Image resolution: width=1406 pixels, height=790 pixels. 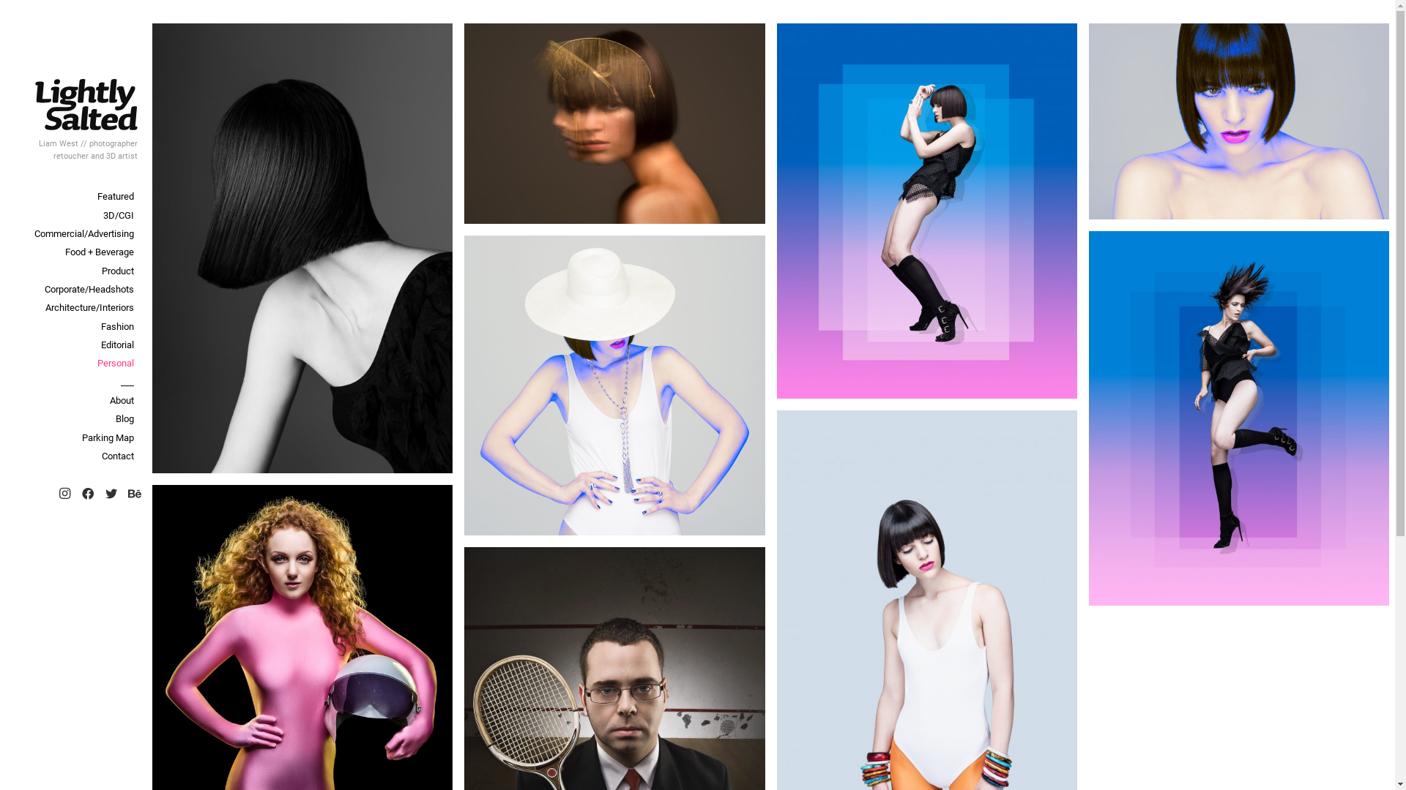 I want to click on 'Corporate/Headshots', so click(x=0, y=289).